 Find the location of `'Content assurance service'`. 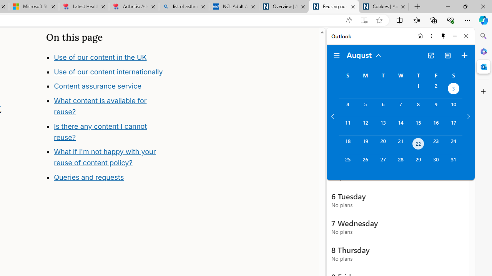

'Content assurance service' is located at coordinates (97, 86).